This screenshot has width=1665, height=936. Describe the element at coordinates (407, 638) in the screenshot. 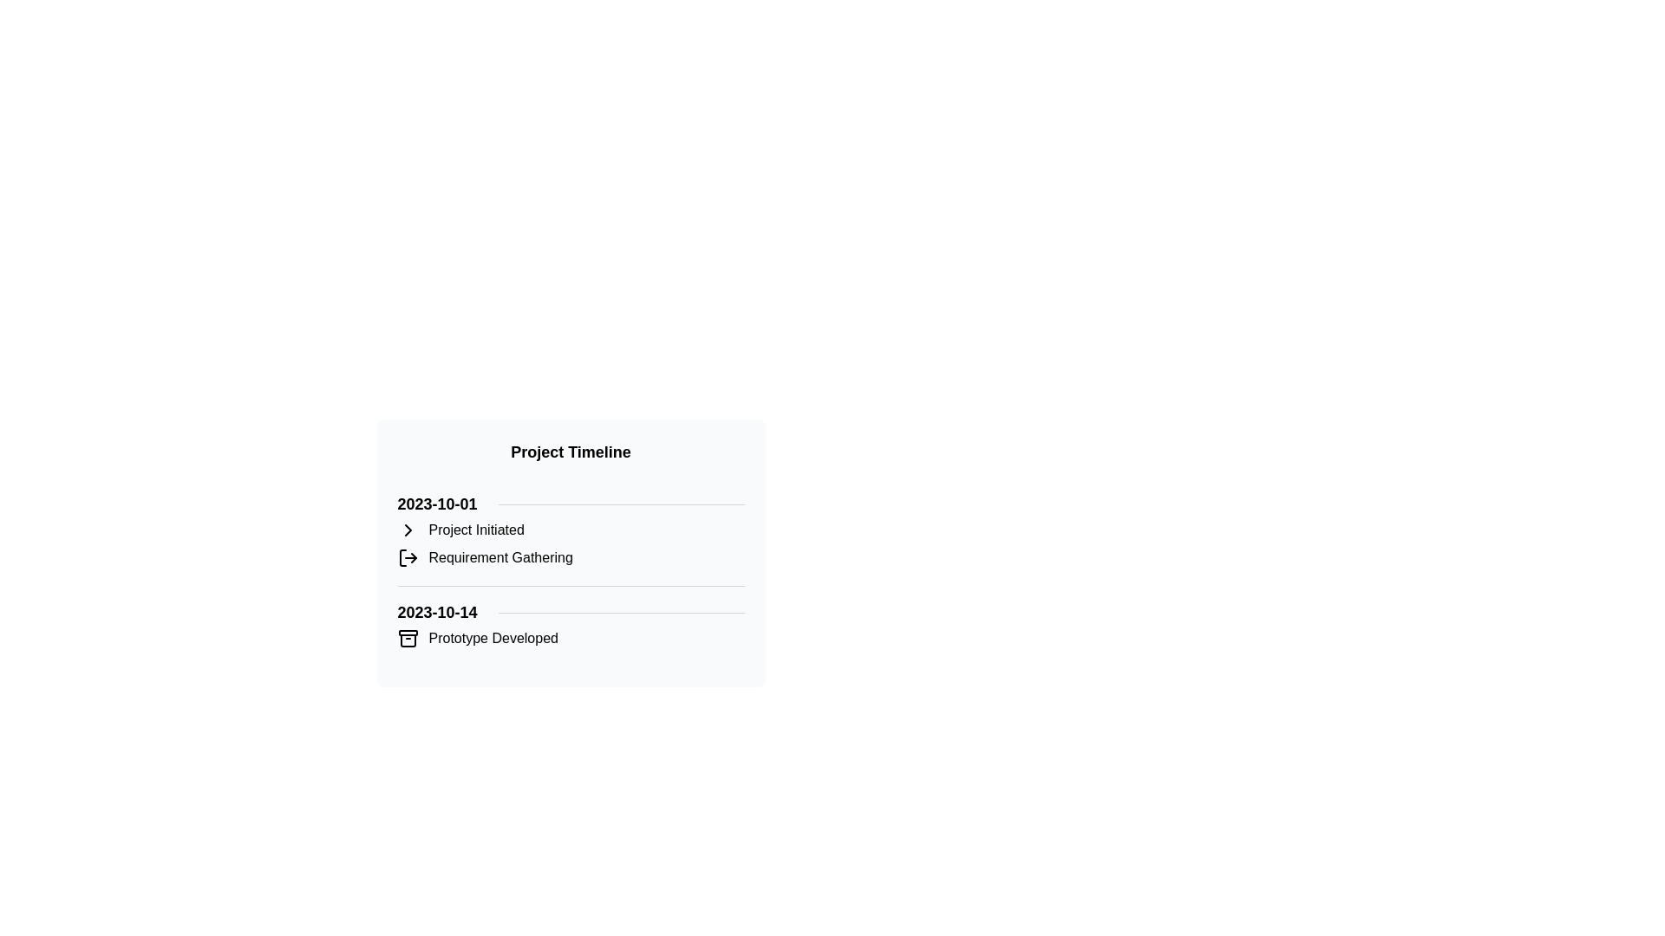

I see `the icon indicating the archived state, positioned to the left of the text 'Prototype Developed'` at that location.